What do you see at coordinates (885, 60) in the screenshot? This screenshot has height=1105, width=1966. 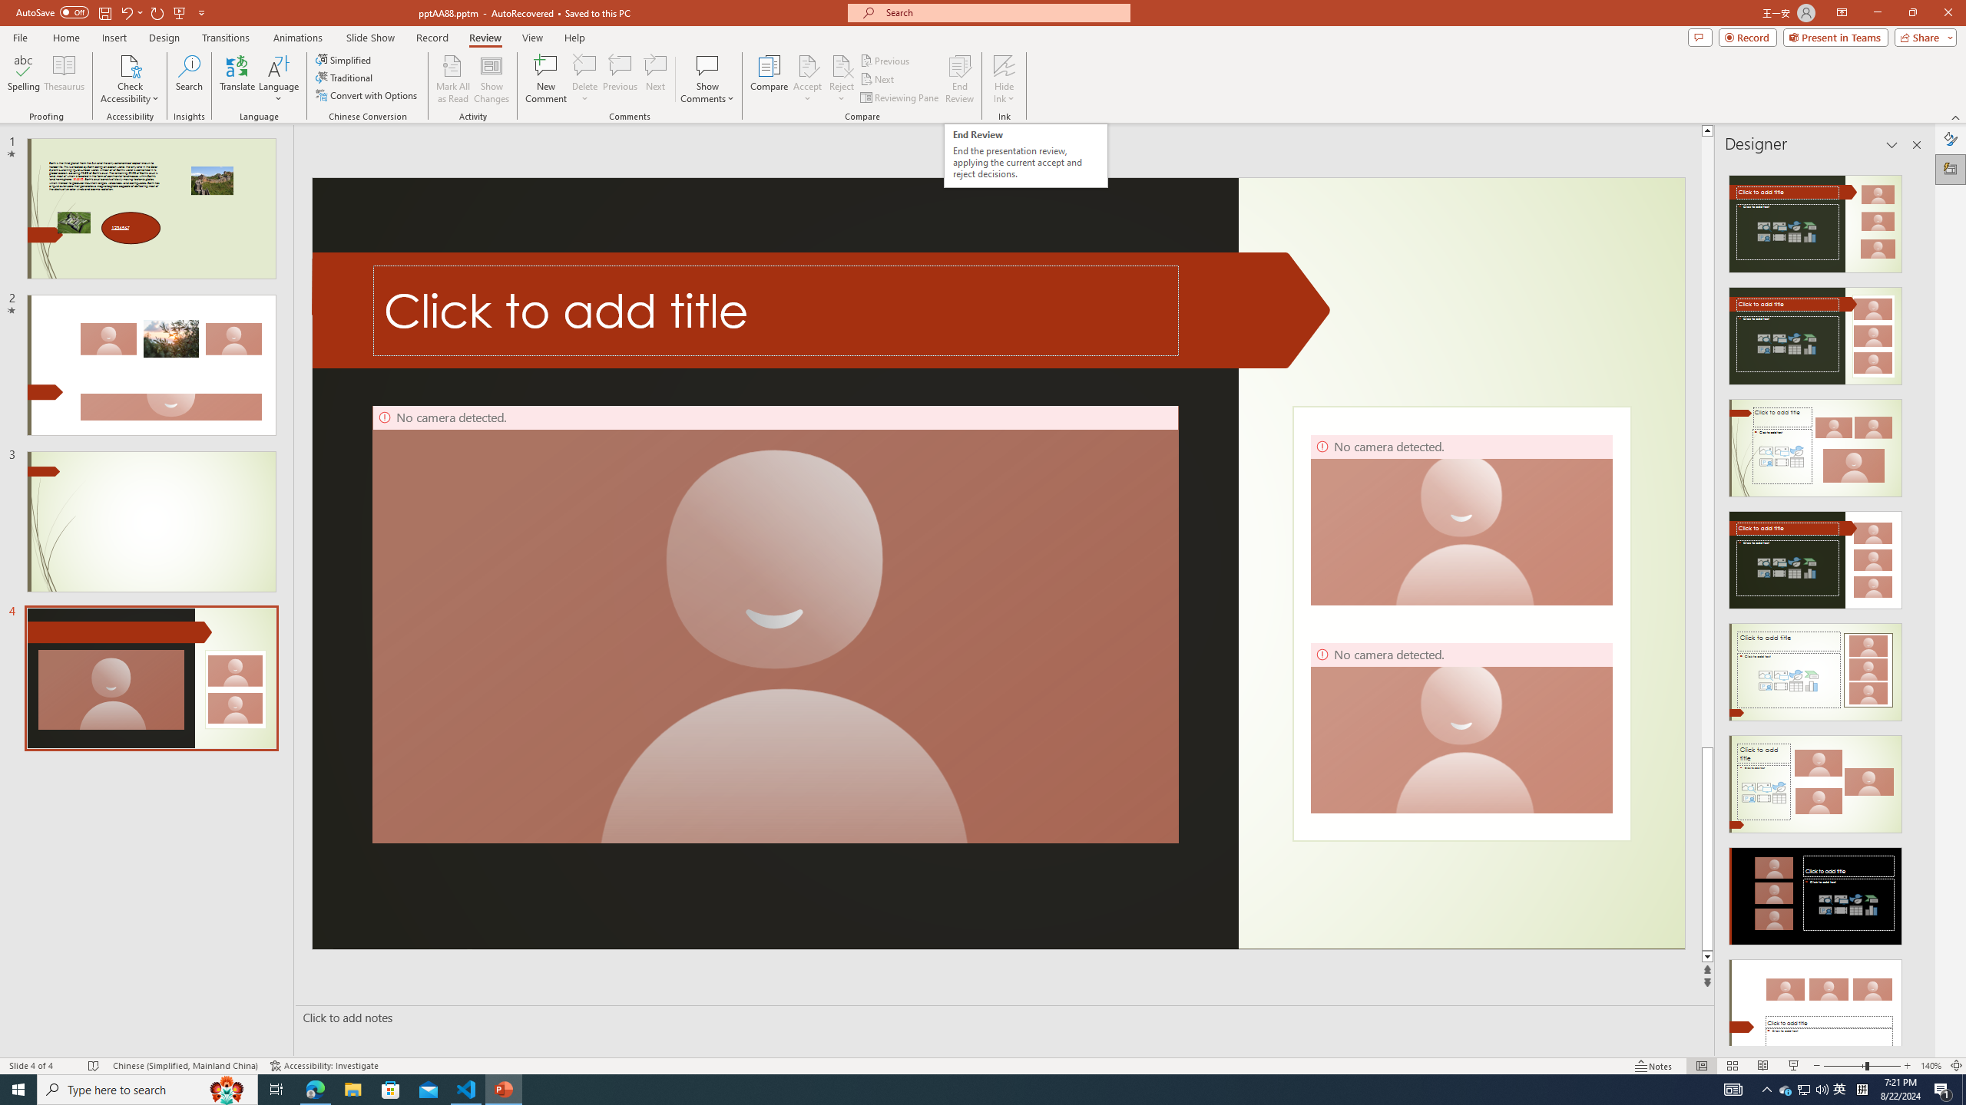 I see `'Previous'` at bounding box center [885, 60].